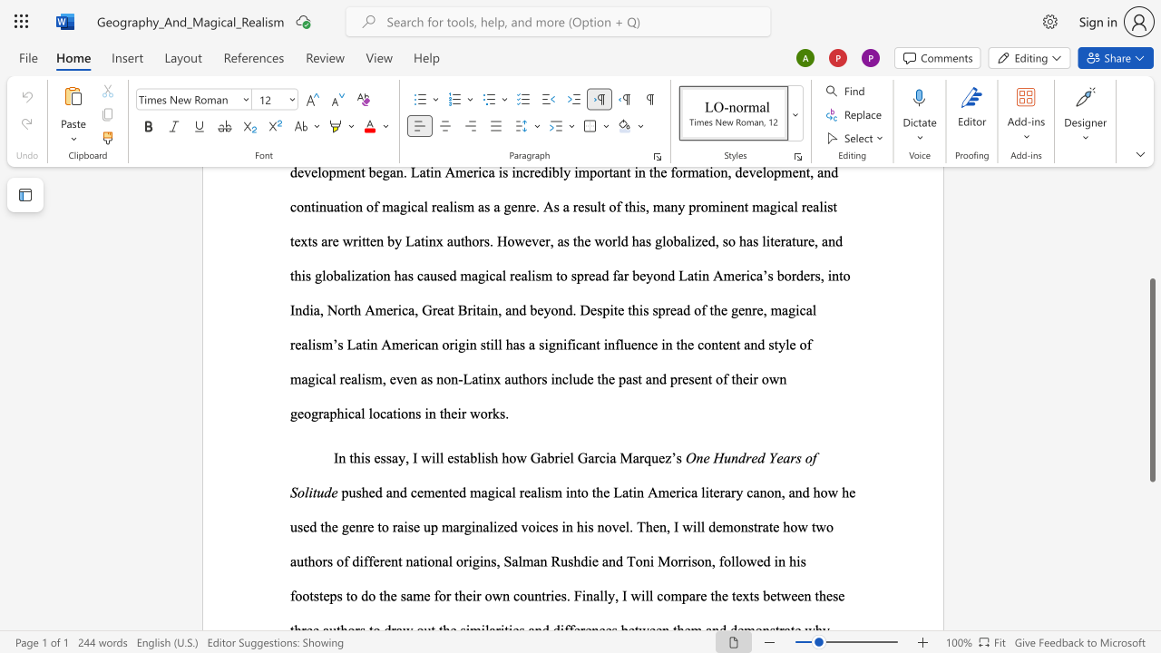 This screenshot has width=1161, height=653. What do you see at coordinates (1151, 216) in the screenshot?
I see `the right-hand scrollbar to ascend the page` at bounding box center [1151, 216].